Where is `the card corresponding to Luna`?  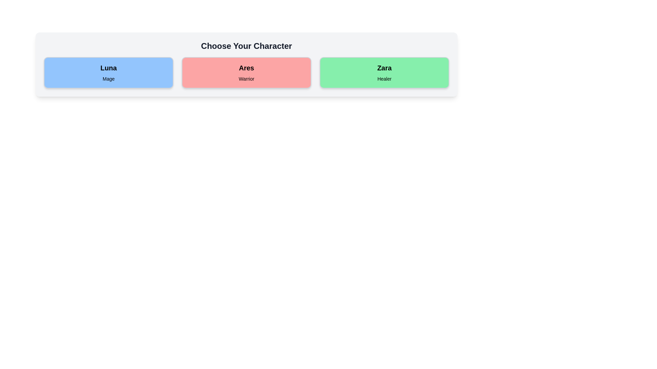
the card corresponding to Luna is located at coordinates (108, 72).